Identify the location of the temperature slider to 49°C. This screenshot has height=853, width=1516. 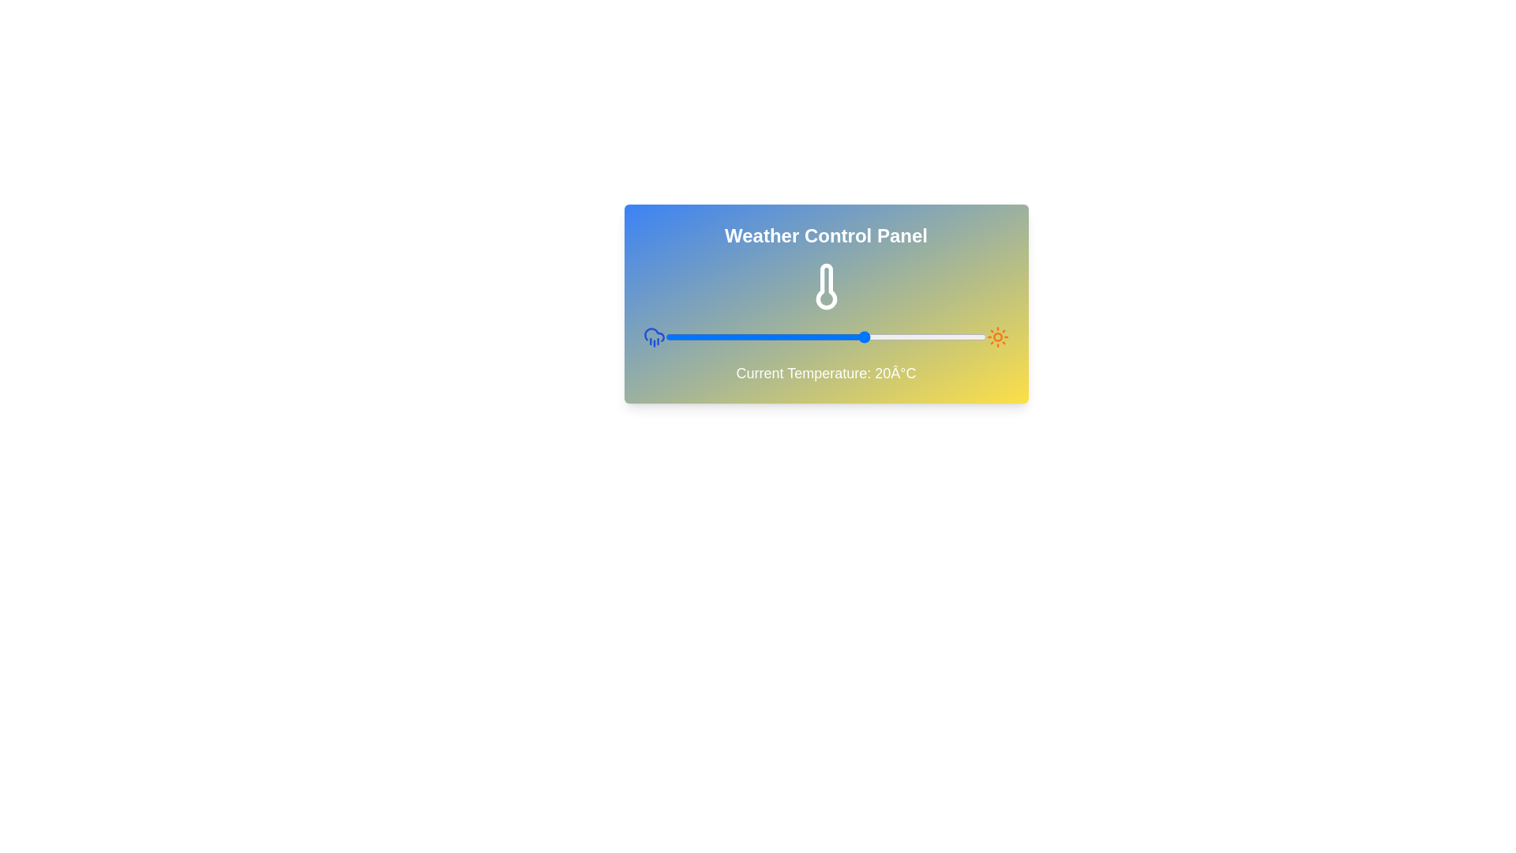
(982, 336).